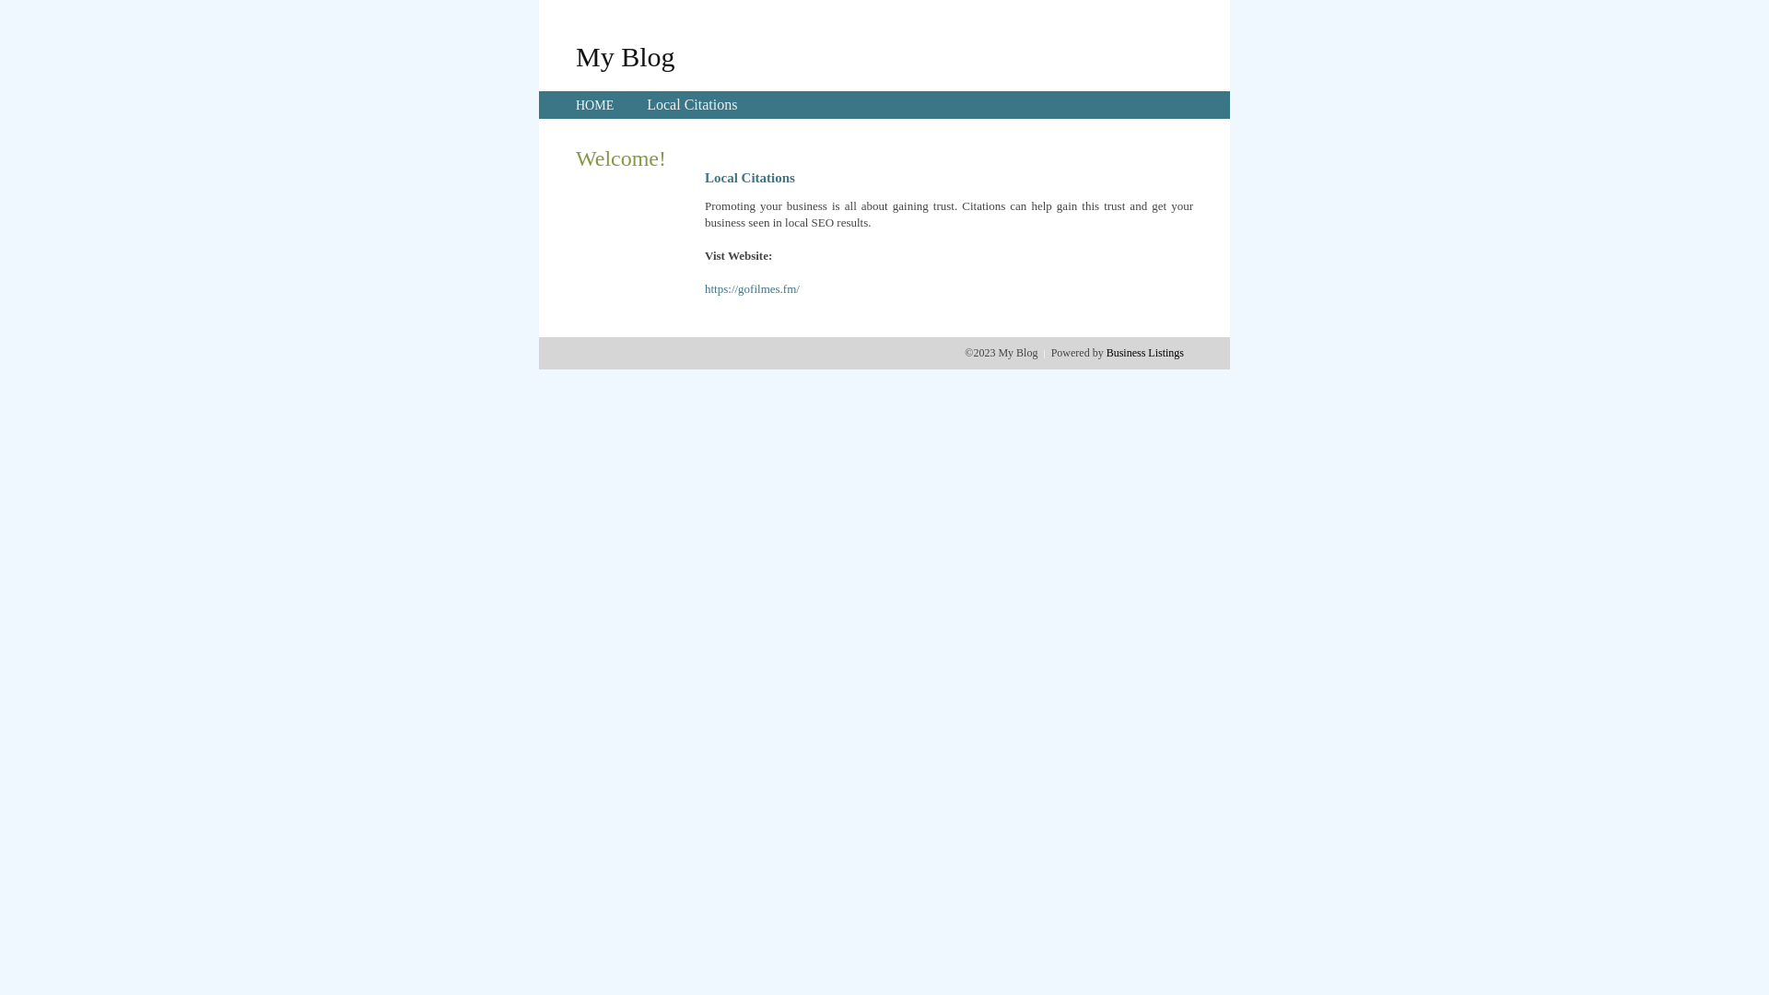  What do you see at coordinates (594, 105) in the screenshot?
I see `'HOME'` at bounding box center [594, 105].